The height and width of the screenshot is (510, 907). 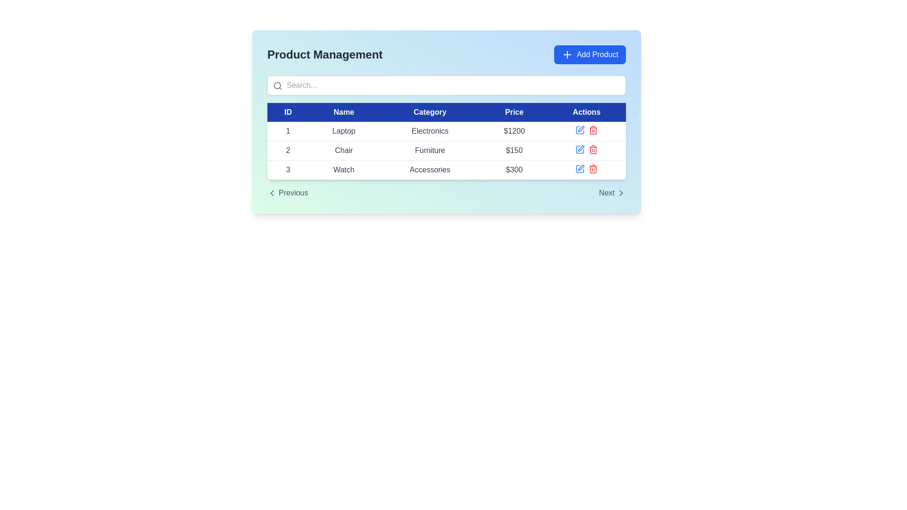 What do you see at coordinates (513, 112) in the screenshot?
I see `the 'Price' label which is styled with bold white text on a blue background, located in the fourth position of the table header row` at bounding box center [513, 112].